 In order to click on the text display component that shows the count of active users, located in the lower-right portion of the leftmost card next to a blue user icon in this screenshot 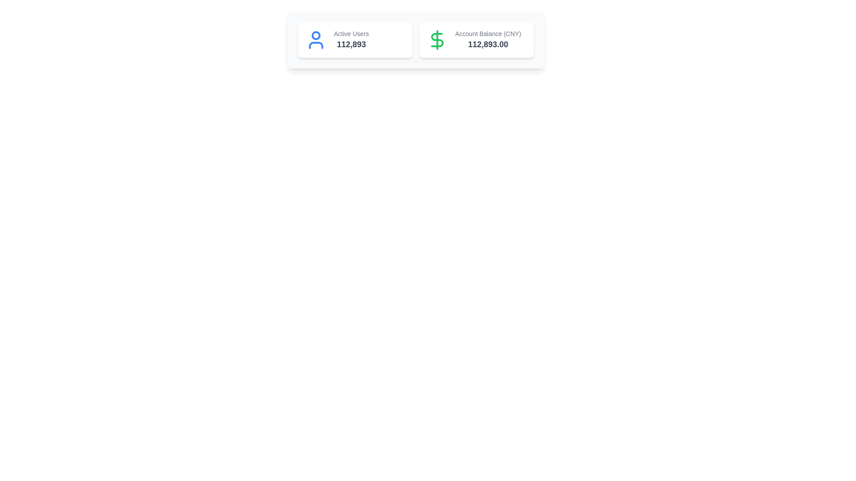, I will do `click(351, 39)`.